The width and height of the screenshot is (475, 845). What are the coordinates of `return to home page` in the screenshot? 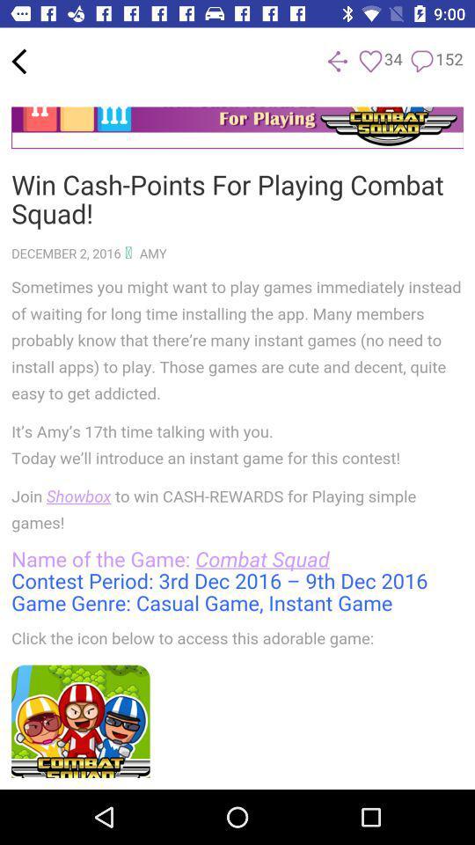 It's located at (18, 61).